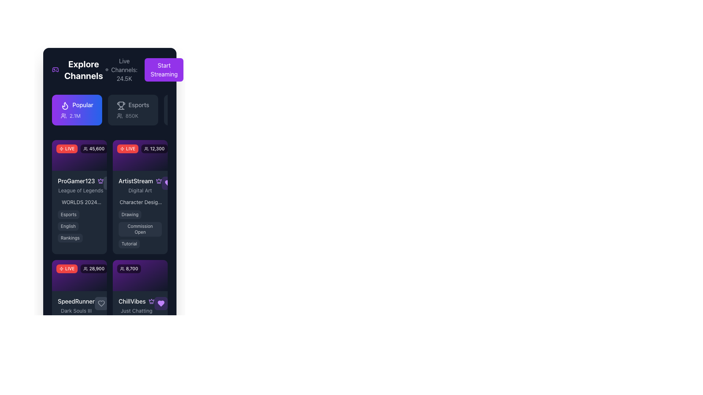  I want to click on keyboard navigation, so click(109, 111).